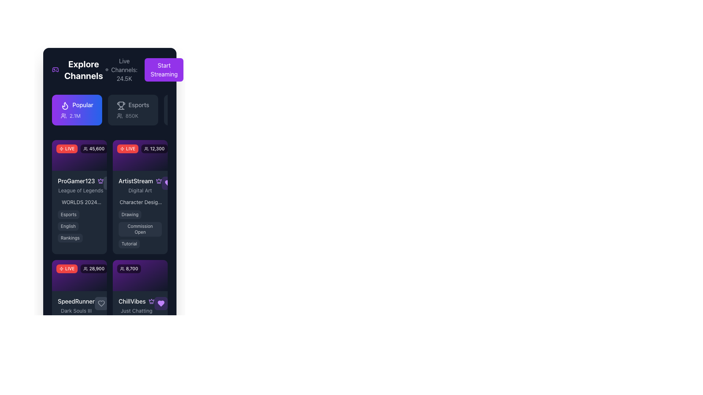  I want to click on keyboard navigation, so click(109, 111).